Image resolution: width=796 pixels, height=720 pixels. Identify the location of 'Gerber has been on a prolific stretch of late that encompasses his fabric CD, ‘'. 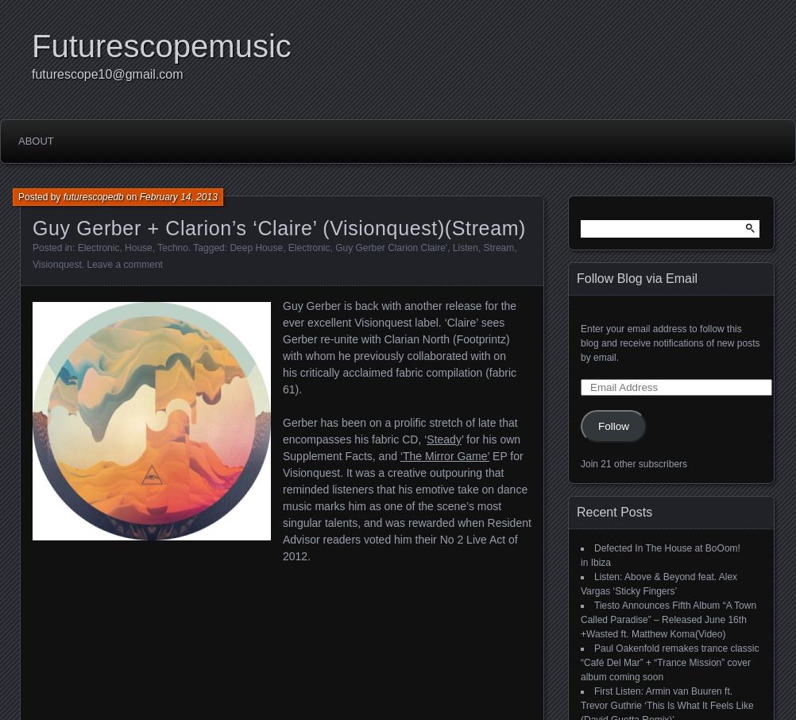
(400, 431).